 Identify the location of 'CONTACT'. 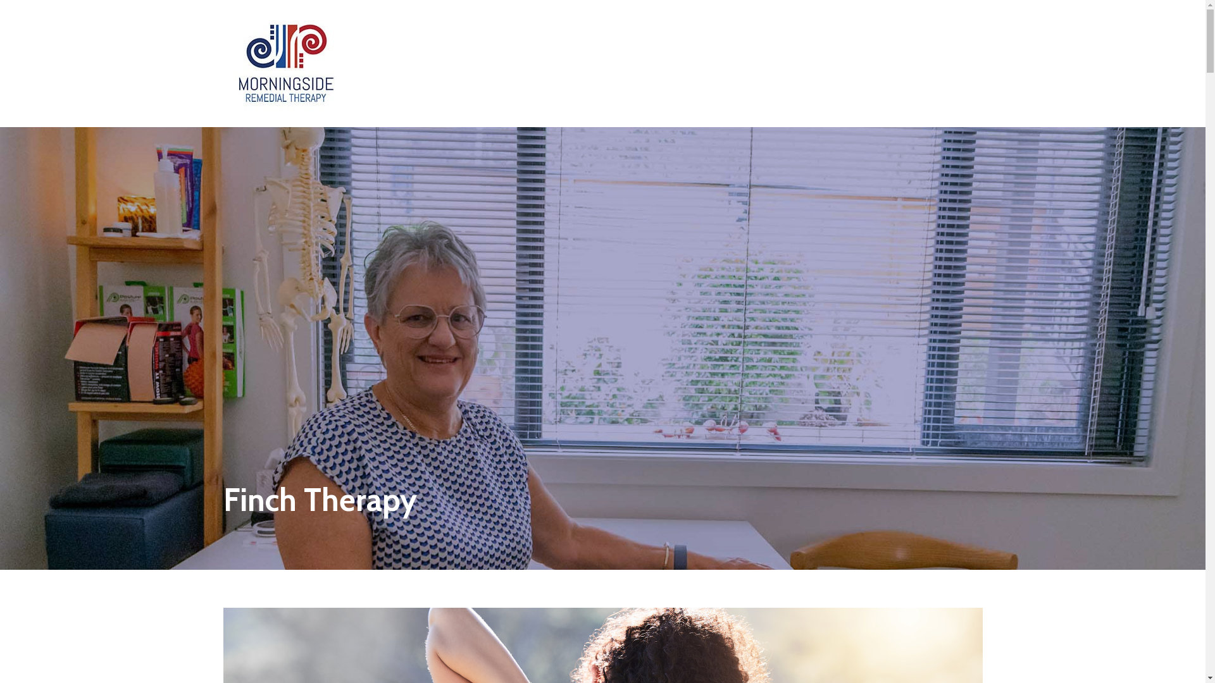
(827, 28).